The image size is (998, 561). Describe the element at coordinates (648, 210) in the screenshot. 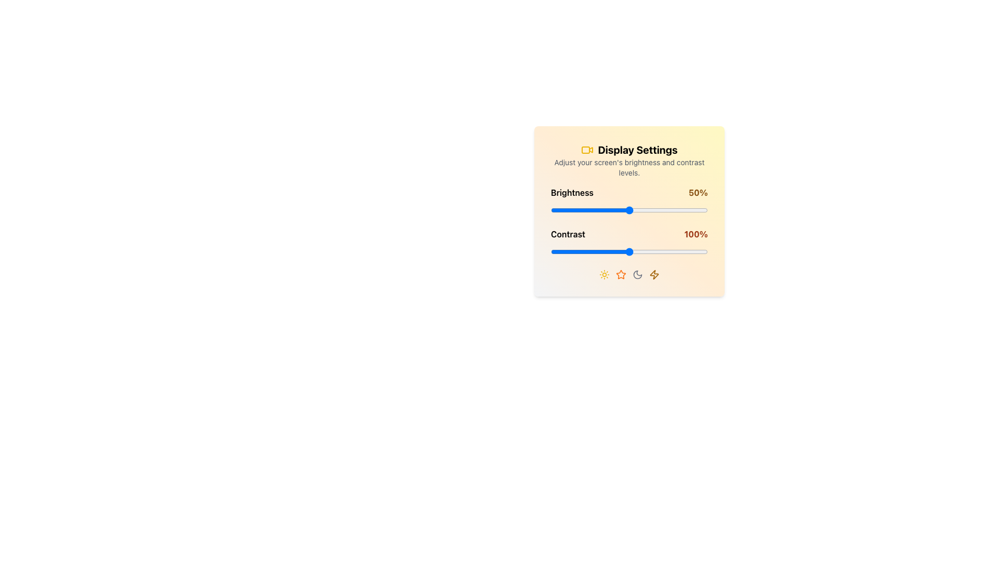

I see `the brightness` at that location.